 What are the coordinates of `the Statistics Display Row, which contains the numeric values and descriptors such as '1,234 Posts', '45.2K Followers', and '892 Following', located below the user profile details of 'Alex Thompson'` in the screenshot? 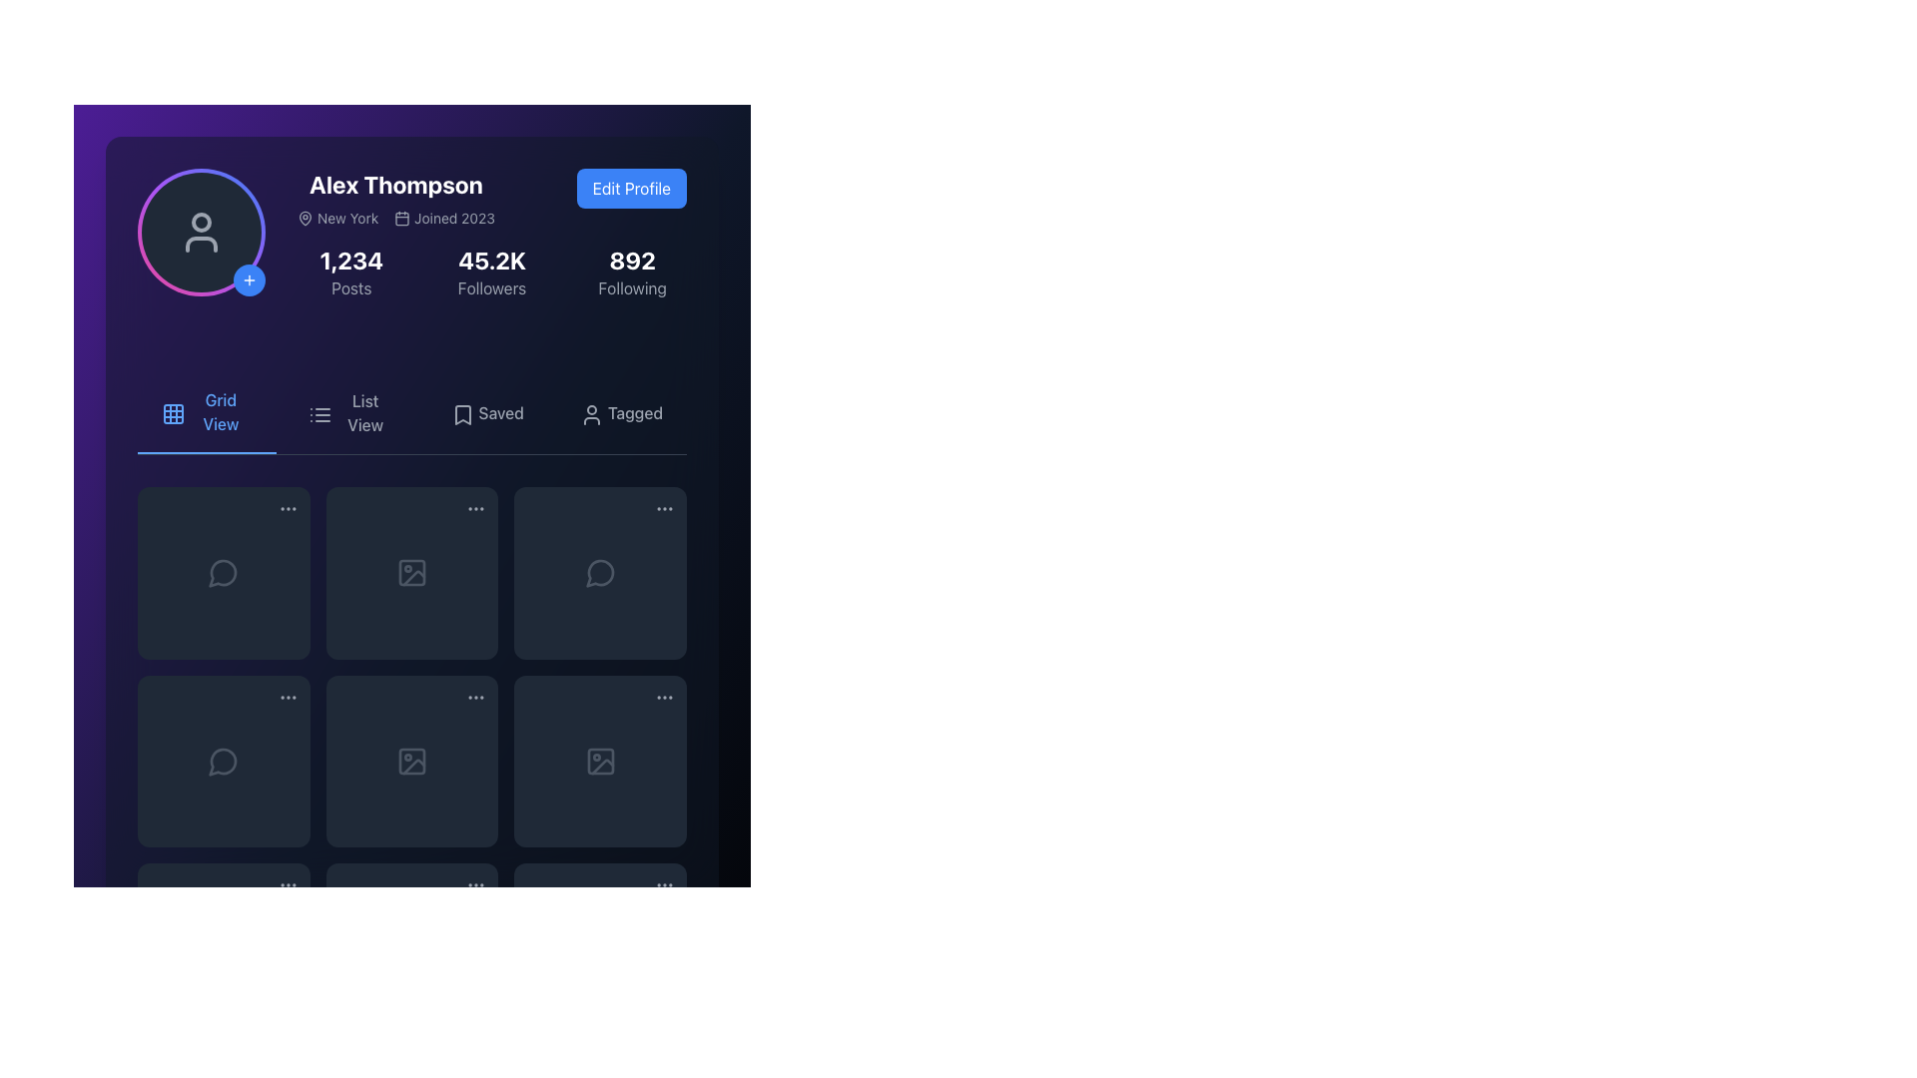 It's located at (492, 272).